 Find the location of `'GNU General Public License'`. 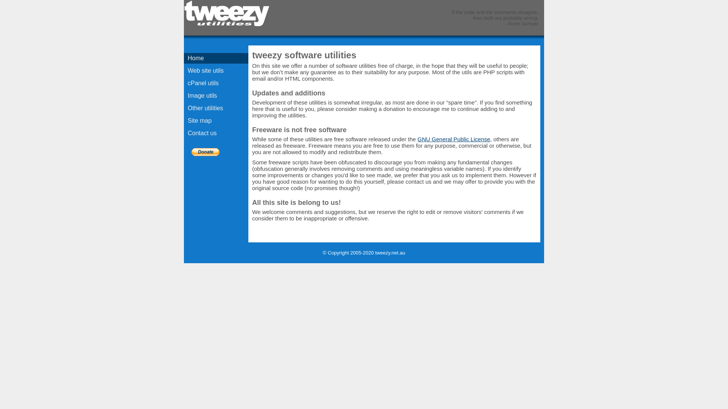

'GNU General Public License' is located at coordinates (417, 139).